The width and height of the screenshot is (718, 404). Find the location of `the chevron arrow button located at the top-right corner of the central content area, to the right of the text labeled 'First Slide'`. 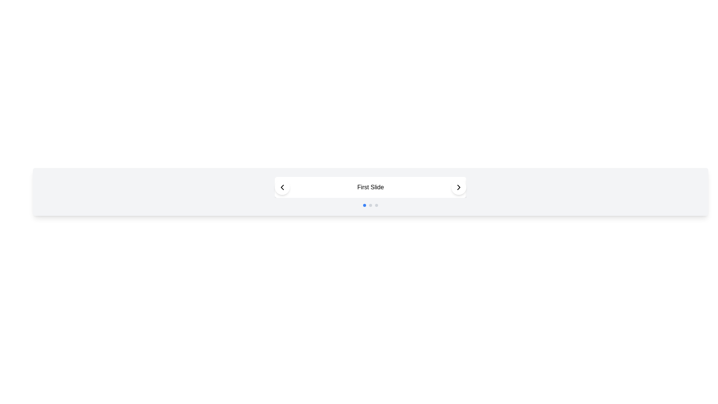

the chevron arrow button located at the top-right corner of the central content area, to the right of the text labeled 'First Slide' is located at coordinates (458, 187).